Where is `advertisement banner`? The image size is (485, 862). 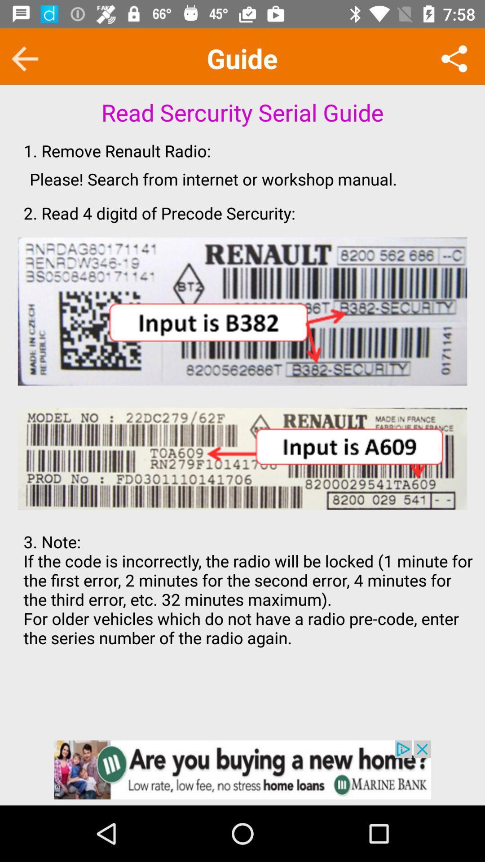 advertisement banner is located at coordinates (242, 769).